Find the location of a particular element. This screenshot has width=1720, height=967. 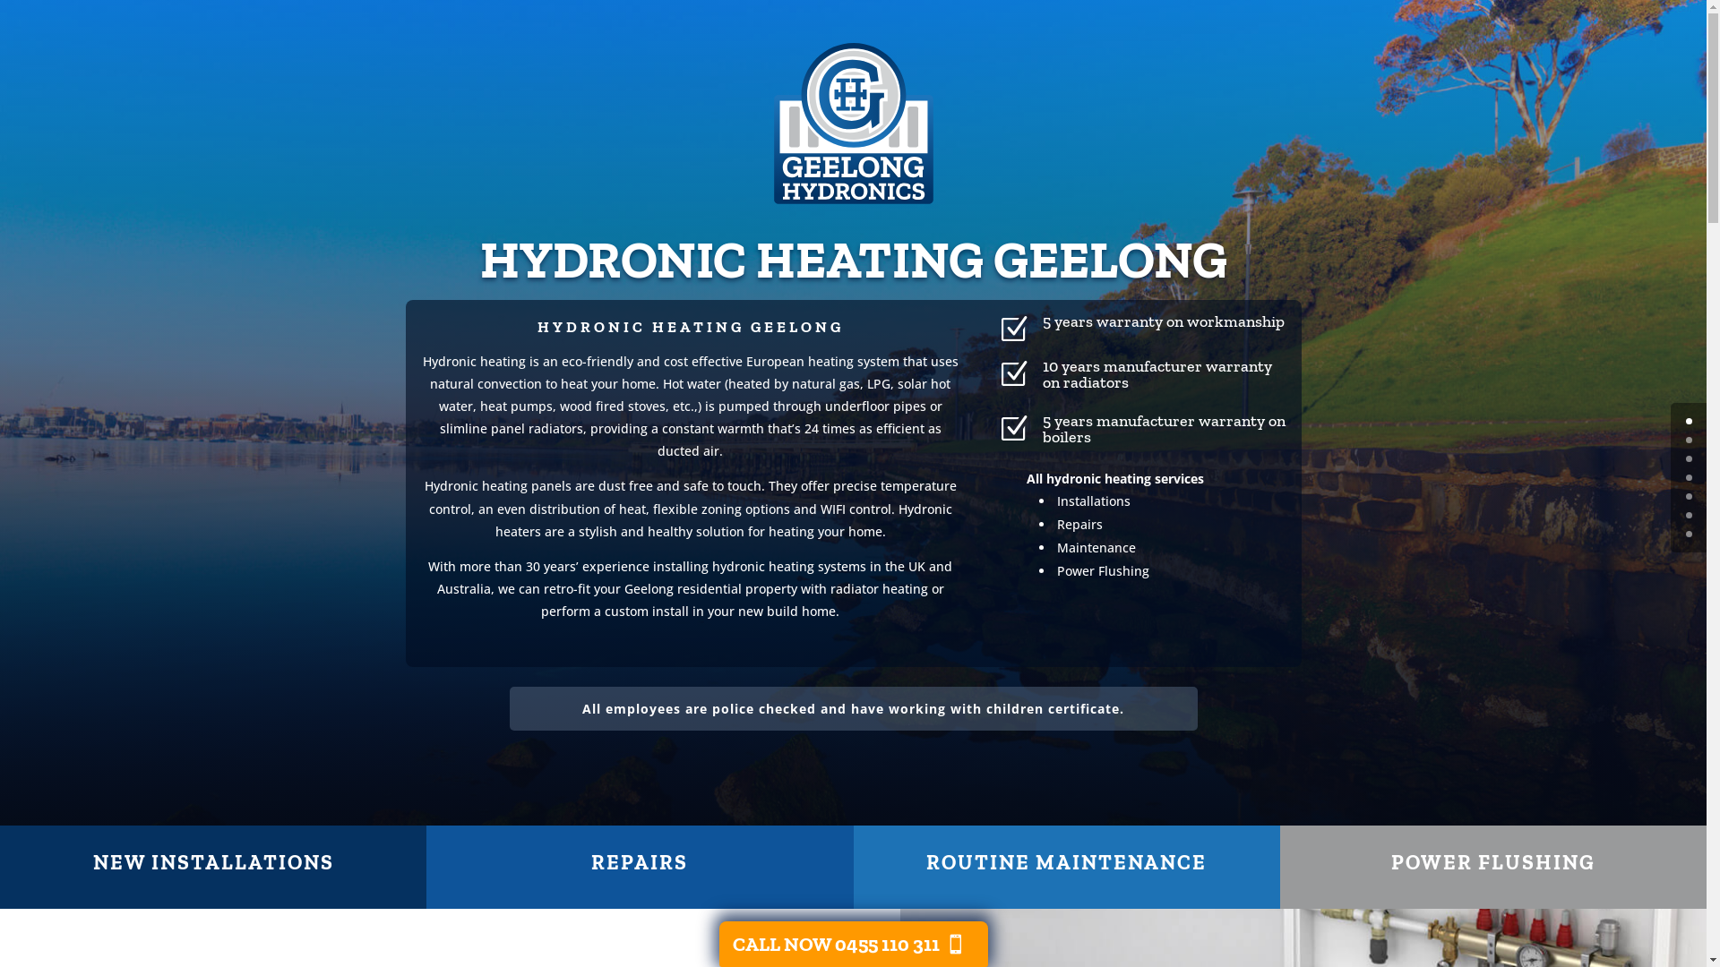

'2' is located at coordinates (1688, 458).